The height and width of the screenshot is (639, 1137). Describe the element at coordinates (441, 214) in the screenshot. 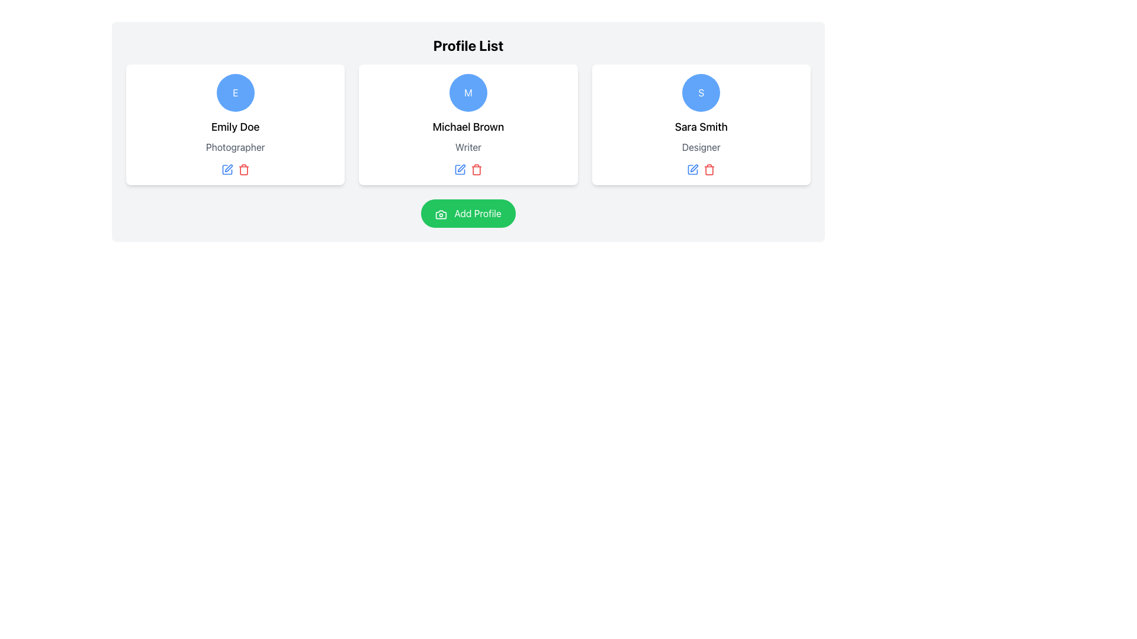

I see `the camera icon located to the left of the 'Add Profile' text within the green button at the bottom of the profile list` at that location.